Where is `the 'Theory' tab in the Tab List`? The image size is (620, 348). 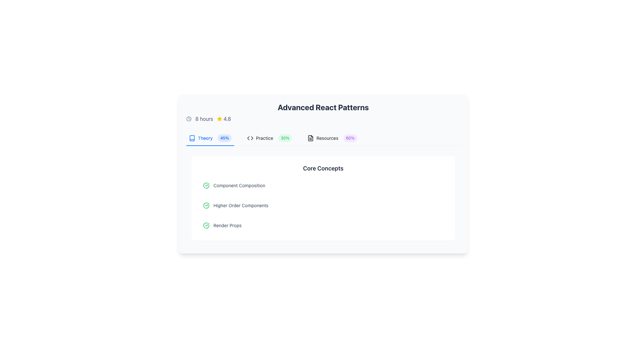 the 'Theory' tab in the Tab List is located at coordinates (323, 138).